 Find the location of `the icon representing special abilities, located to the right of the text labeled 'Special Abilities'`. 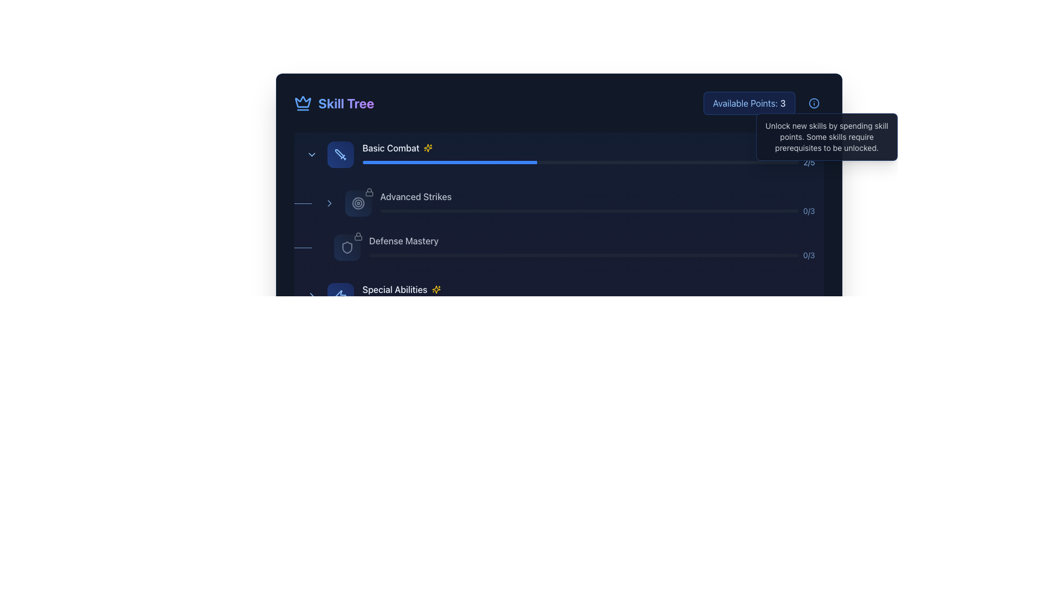

the icon representing special abilities, located to the right of the text labeled 'Special Abilities' is located at coordinates (435, 289).